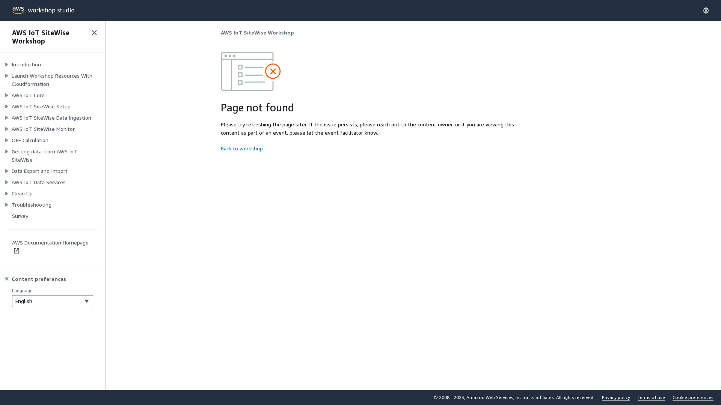 This screenshot has height=405, width=721. What do you see at coordinates (26, 64) in the screenshot?
I see `'Introduction'` at bounding box center [26, 64].